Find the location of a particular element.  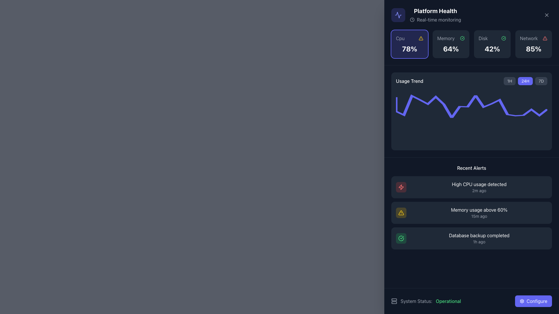

the disk status icon located in the Disk section, which indicates normal disk usage and is positioned between the Memory and Network sections is located at coordinates (462, 38).